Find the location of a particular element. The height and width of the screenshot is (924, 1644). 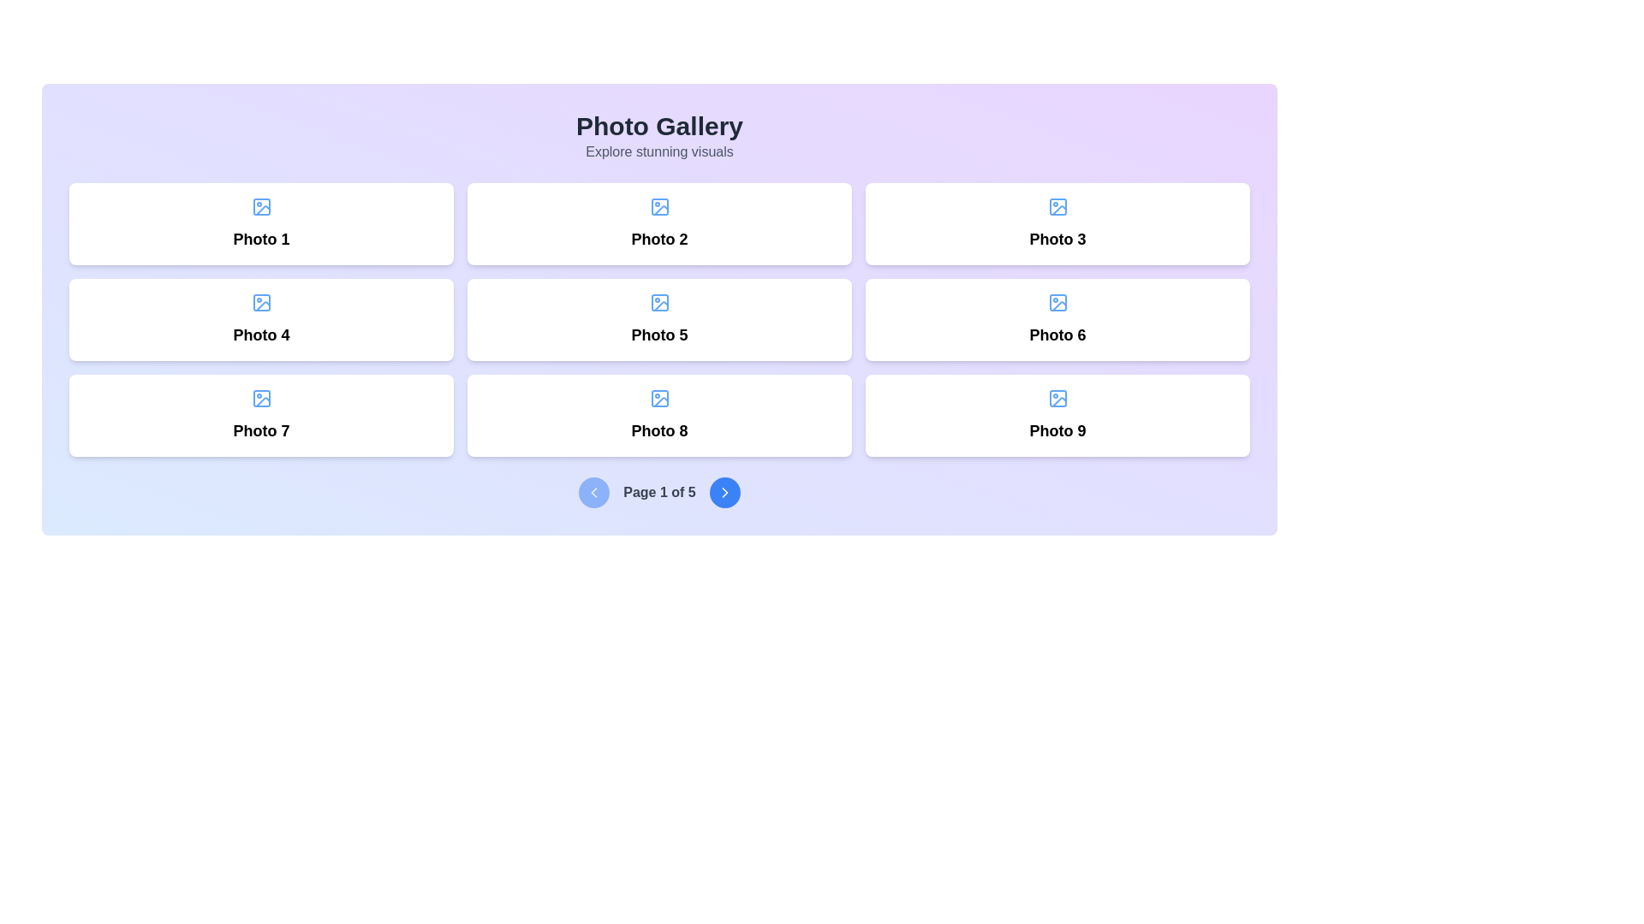

the blue image icon located at the top-left of the white card labeled 'Photo 2' to associate it with the card content is located at coordinates (658, 206).